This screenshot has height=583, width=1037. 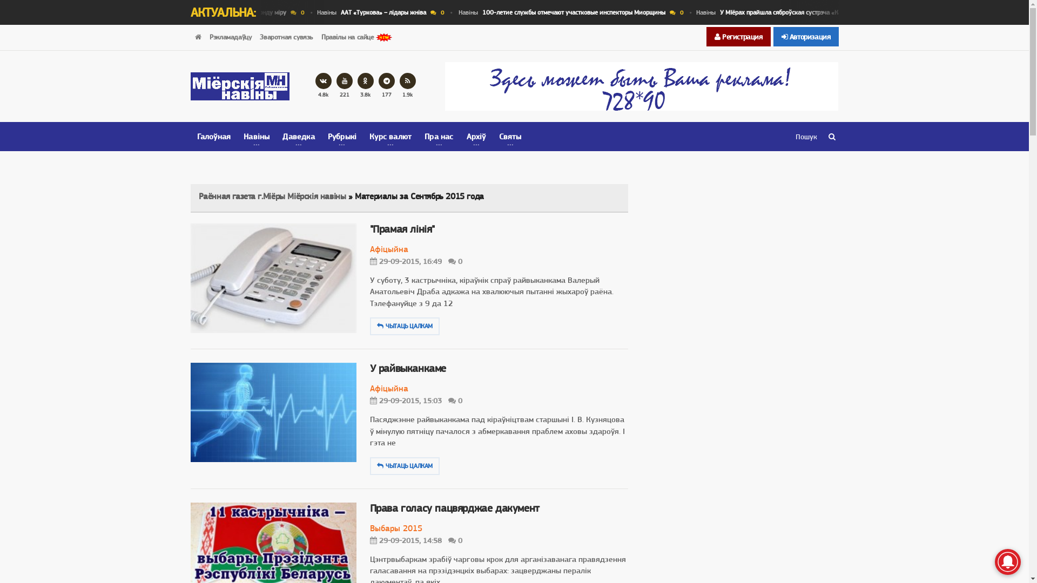 What do you see at coordinates (455, 539) in the screenshot?
I see `'0'` at bounding box center [455, 539].